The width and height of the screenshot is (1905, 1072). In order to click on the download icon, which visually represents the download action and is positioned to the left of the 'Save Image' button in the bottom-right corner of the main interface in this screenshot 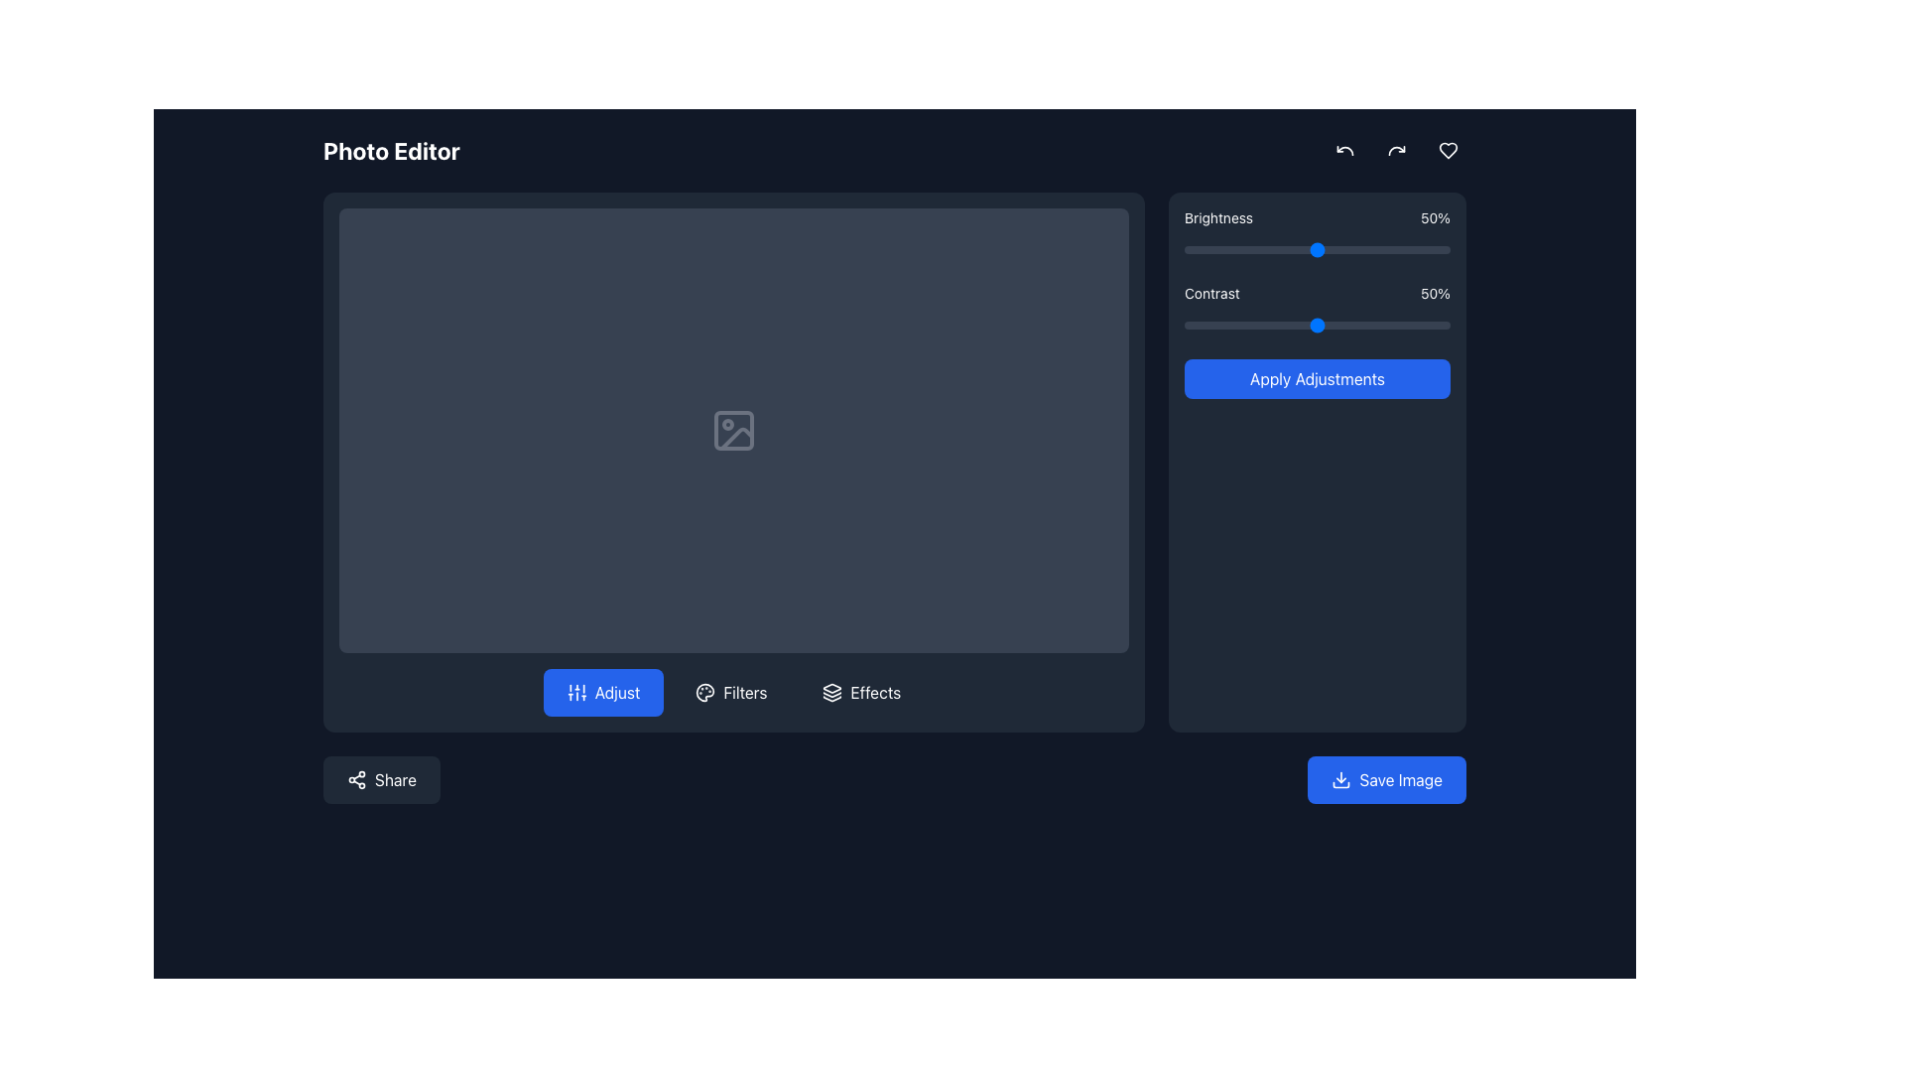, I will do `click(1341, 778)`.